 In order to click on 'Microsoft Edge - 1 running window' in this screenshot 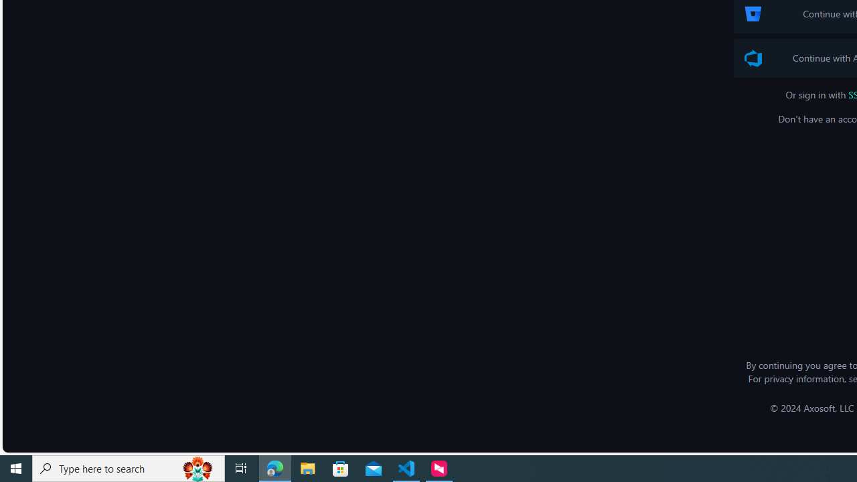, I will do `click(275, 467)`.